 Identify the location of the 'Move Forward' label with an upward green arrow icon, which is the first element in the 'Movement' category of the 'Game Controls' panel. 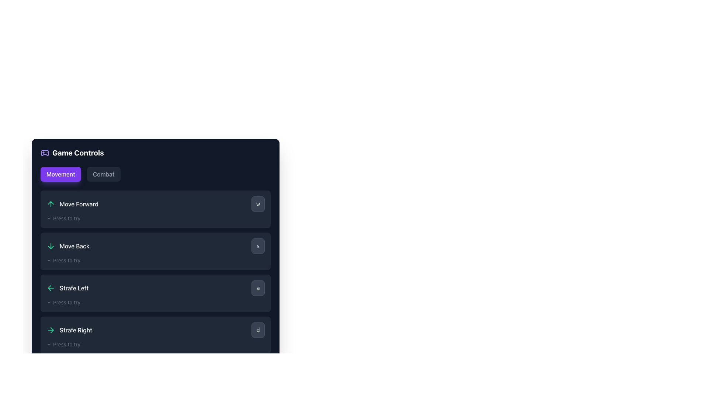
(72, 204).